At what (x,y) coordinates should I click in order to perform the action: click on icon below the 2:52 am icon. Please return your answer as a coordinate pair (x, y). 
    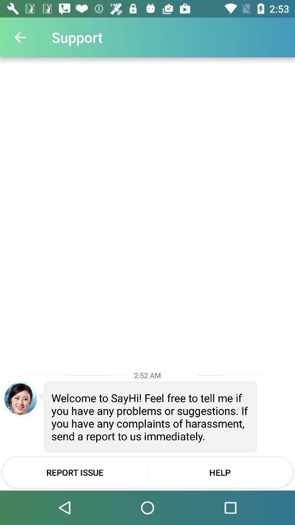
    Looking at the image, I should click on (20, 398).